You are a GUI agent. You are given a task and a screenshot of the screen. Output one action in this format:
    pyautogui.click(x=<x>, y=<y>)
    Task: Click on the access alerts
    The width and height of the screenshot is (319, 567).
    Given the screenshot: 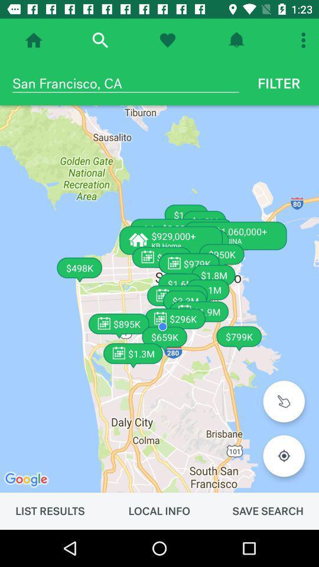 What is the action you would take?
    pyautogui.click(x=236, y=40)
    